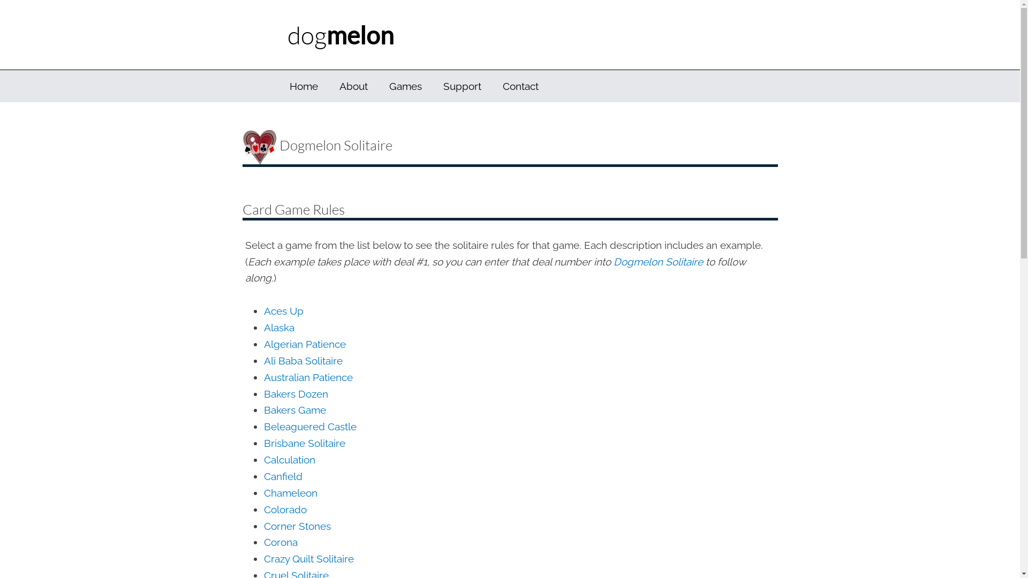 Image resolution: width=1028 pixels, height=578 pixels. What do you see at coordinates (294, 409) in the screenshot?
I see `'Bakers Game'` at bounding box center [294, 409].